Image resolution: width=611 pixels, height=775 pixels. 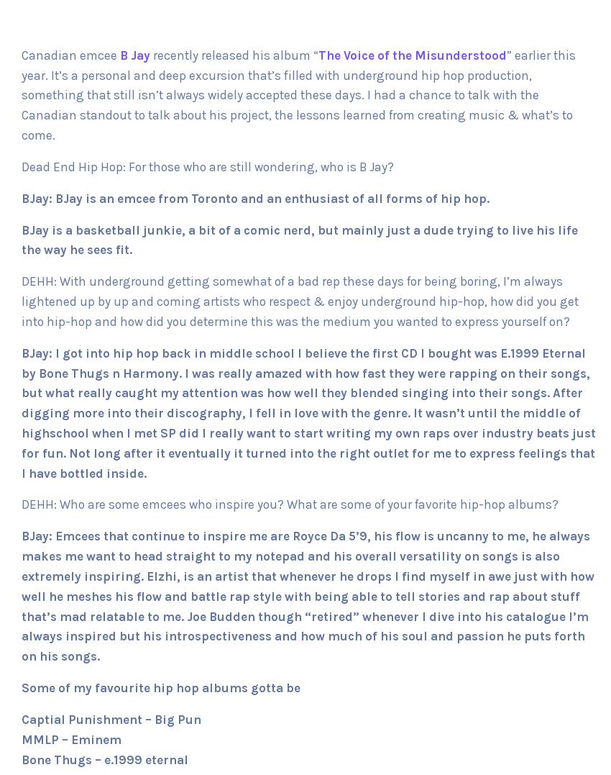 What do you see at coordinates (307, 596) in the screenshot?
I see `'BJay: Emcees that continue to inspire me are Royce Da 5’9, his flow is uncanny to me, he always makes me want to head straight to my notepad and his overall versatility on songs is also extremely inspiring. Elzhi, is an artist that whenever he drops I find myself in awe just with how well he meshes his flow and battle rap style with being able to tell stories and rap about stuff that’s mad relatable to me. Joe Budden though “retired” whenever I dive into his catalogue I’m always inspired but his introspectiveness and how much of his soul and passion he puts forth on his songs.'` at bounding box center [307, 596].